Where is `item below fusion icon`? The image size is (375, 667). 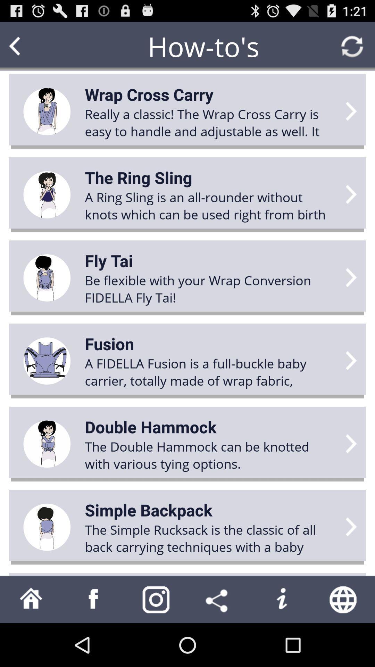 item below fusion icon is located at coordinates (210, 371).